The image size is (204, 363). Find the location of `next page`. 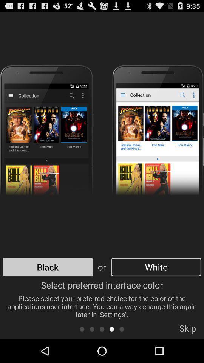

next page is located at coordinates (122, 329).